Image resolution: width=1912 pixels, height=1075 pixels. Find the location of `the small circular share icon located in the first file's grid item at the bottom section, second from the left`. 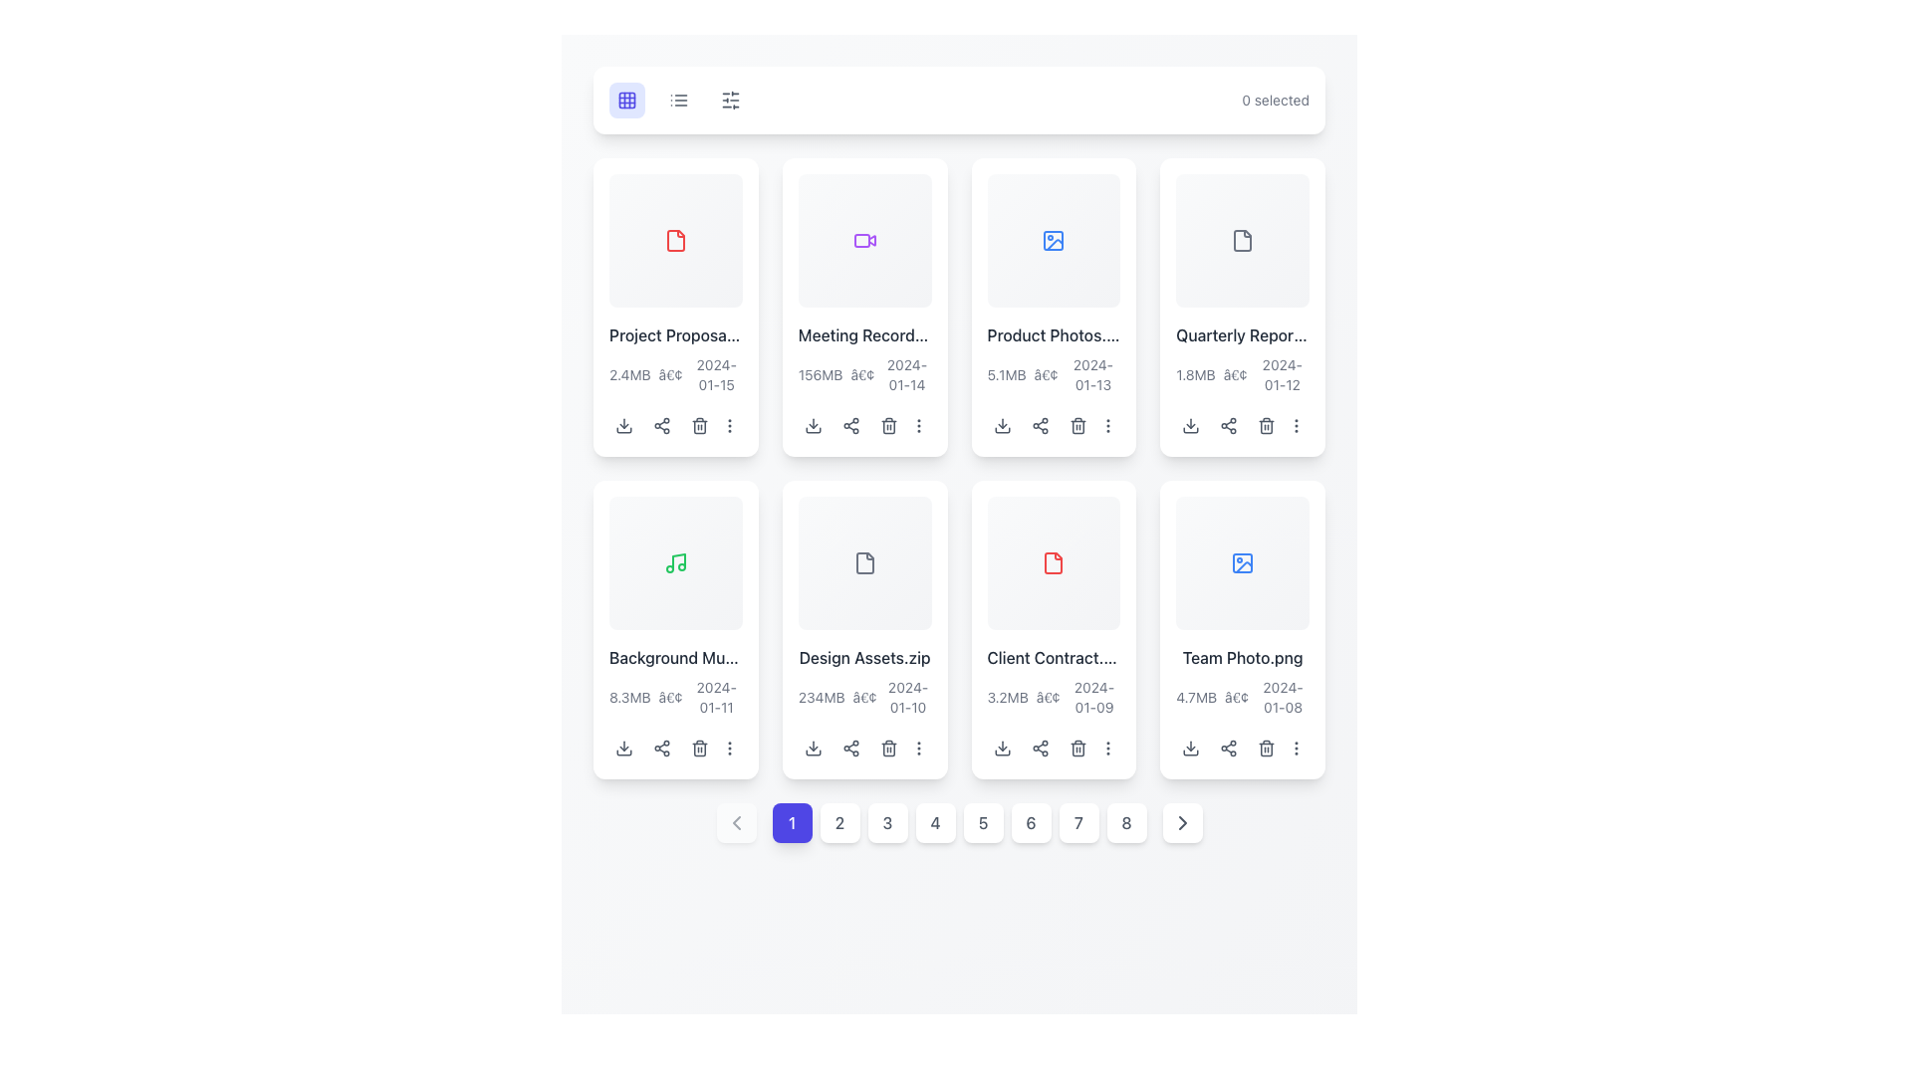

the small circular share icon located in the first file's grid item at the bottom section, second from the left is located at coordinates (662, 424).